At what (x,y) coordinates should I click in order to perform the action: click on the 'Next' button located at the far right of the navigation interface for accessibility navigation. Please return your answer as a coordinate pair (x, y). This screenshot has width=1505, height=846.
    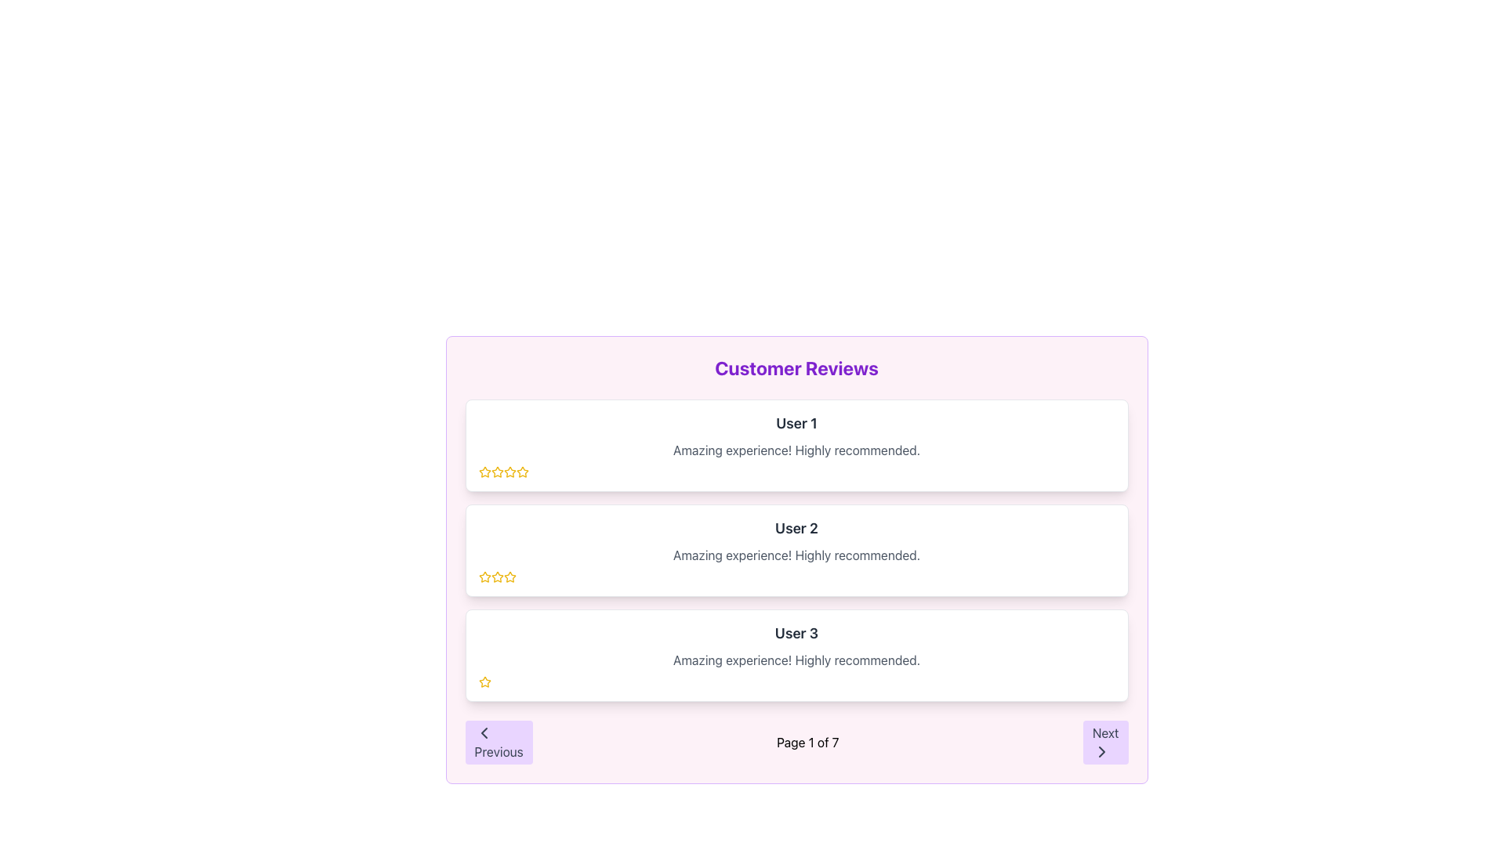
    Looking at the image, I should click on (1104, 742).